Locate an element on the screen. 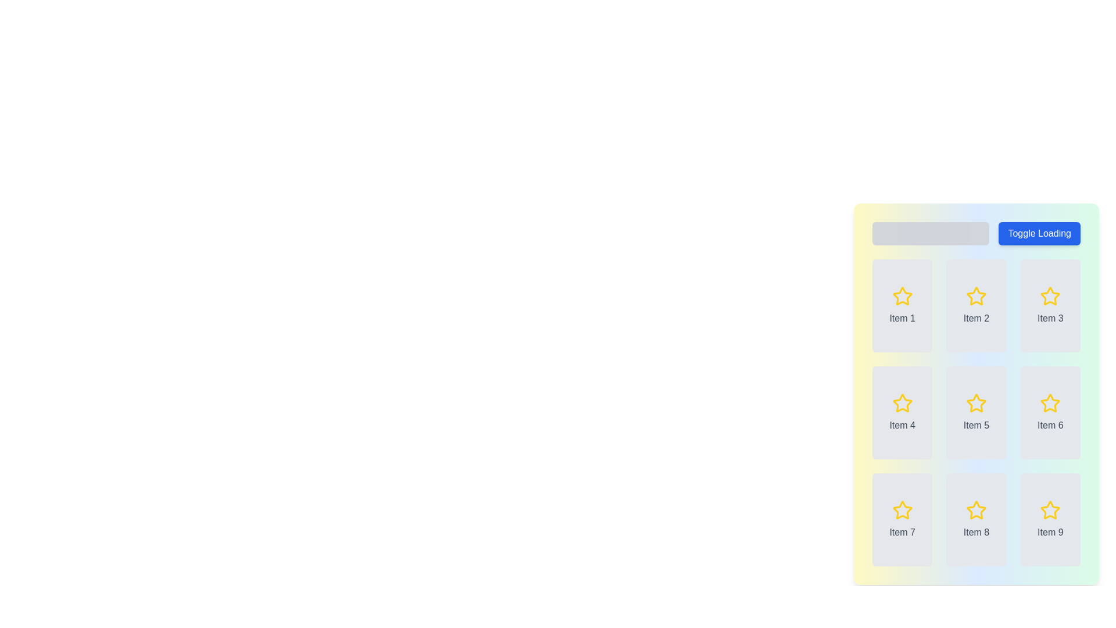 The height and width of the screenshot is (628, 1116). the rectangular panel labeled 'Item 9' located at the bottom-right corner of the grid to view its details is located at coordinates (1050, 519).